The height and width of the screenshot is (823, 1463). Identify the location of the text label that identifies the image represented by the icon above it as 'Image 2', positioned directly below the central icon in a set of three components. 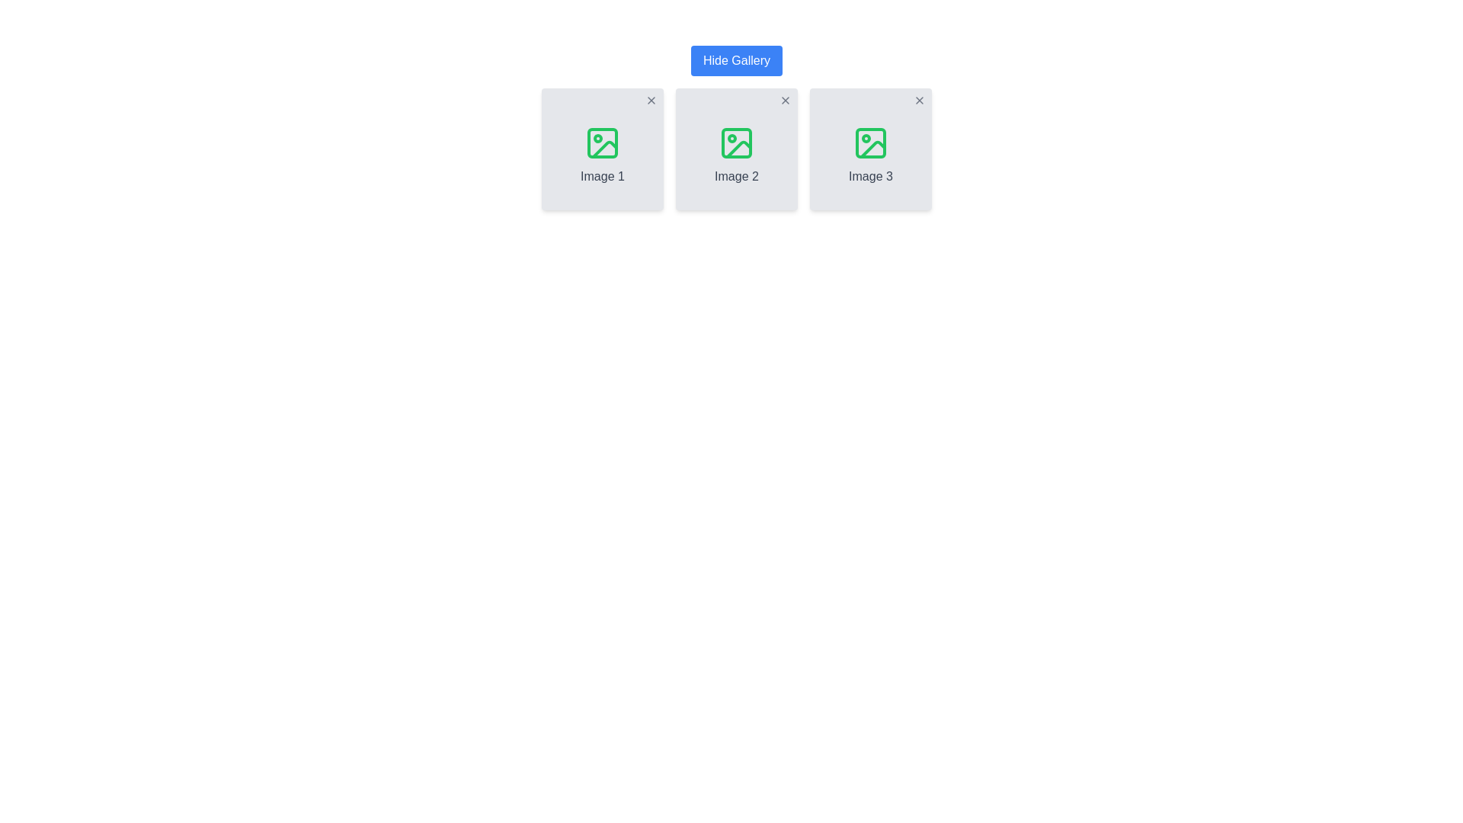
(736, 175).